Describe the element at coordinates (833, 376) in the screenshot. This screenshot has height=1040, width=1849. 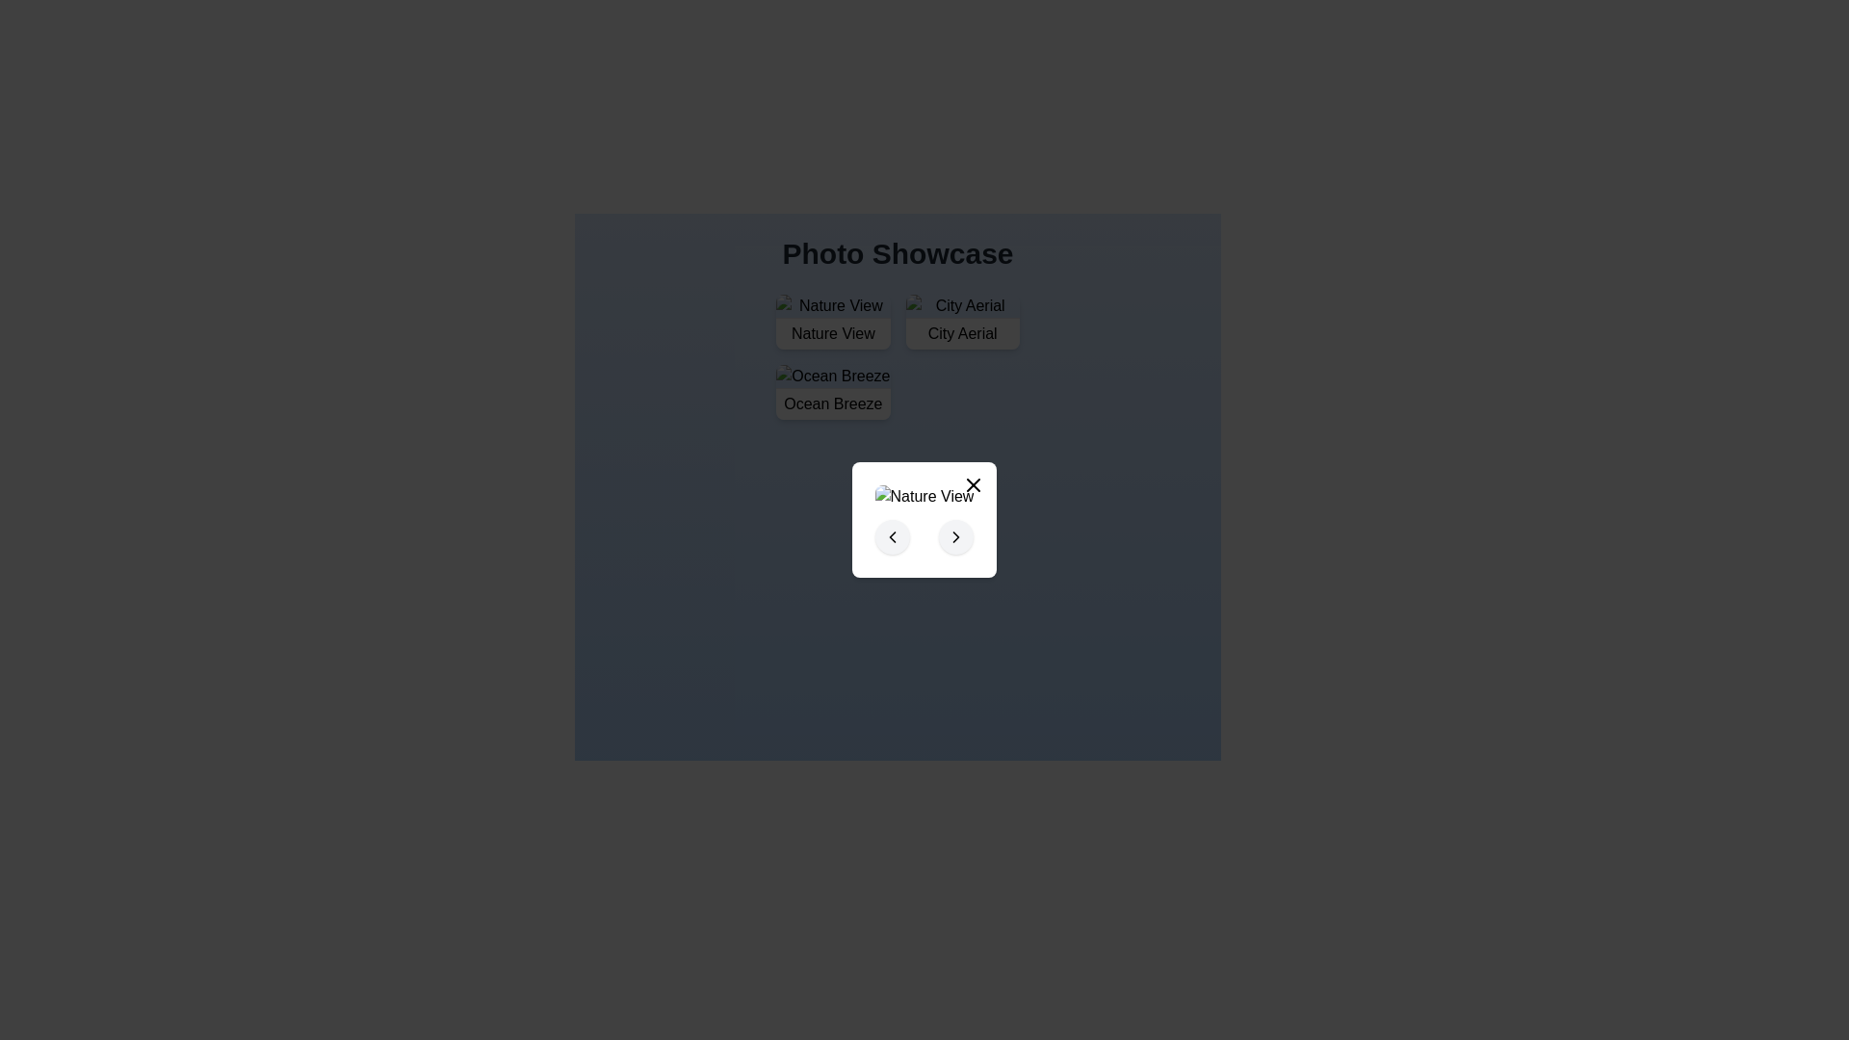
I see `the display image for the content titled 'Ocean Breeze', which serves as a visual indicator or thumbnail` at that location.